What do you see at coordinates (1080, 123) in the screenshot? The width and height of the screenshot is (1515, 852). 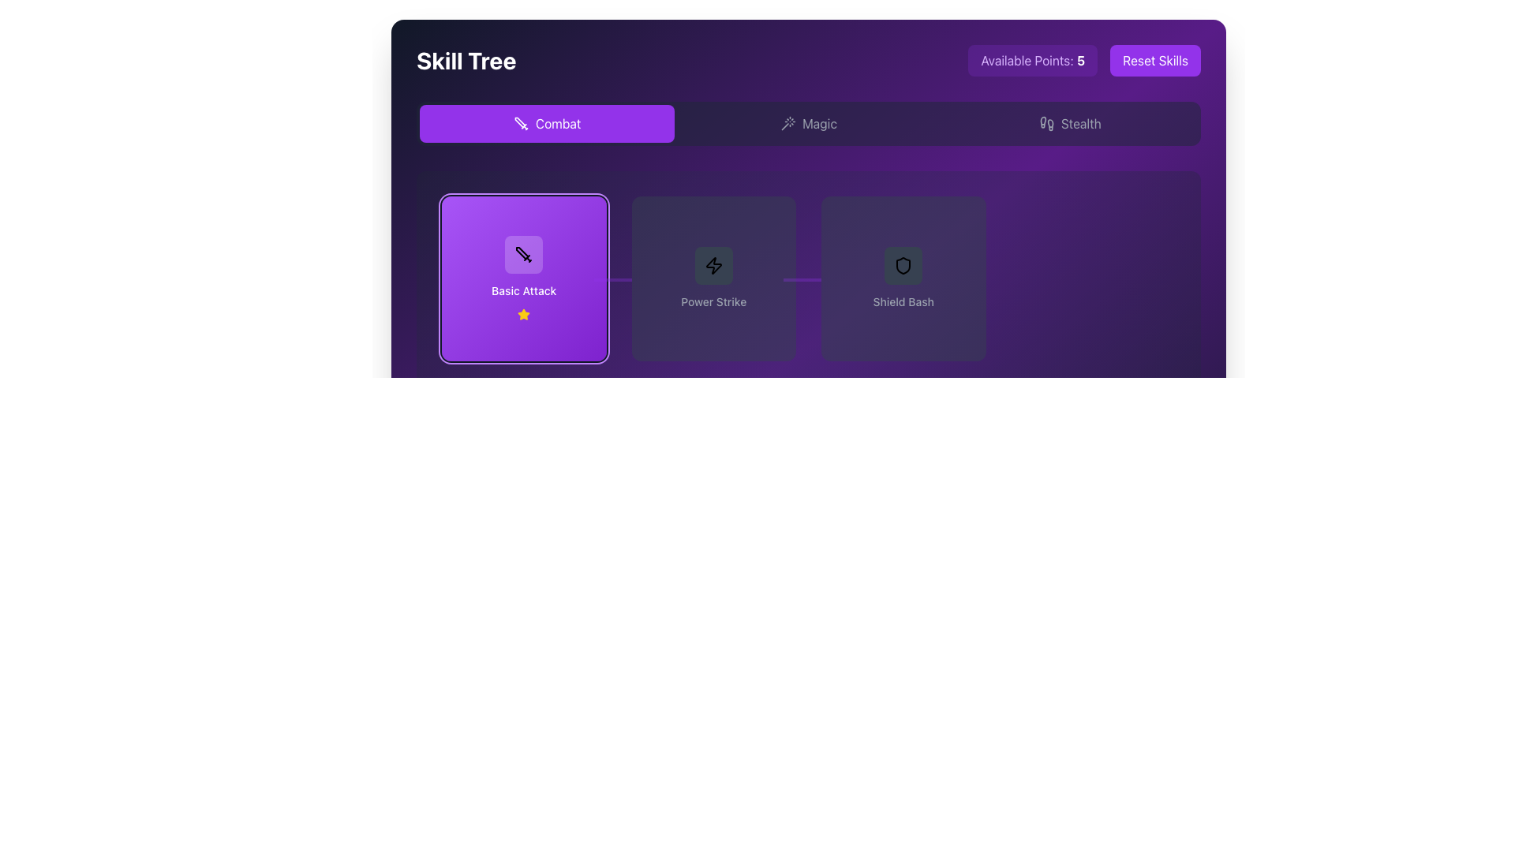 I see `the Text label located at the top-right corner of the interface, adjacent to a small icon resembling footprints` at bounding box center [1080, 123].